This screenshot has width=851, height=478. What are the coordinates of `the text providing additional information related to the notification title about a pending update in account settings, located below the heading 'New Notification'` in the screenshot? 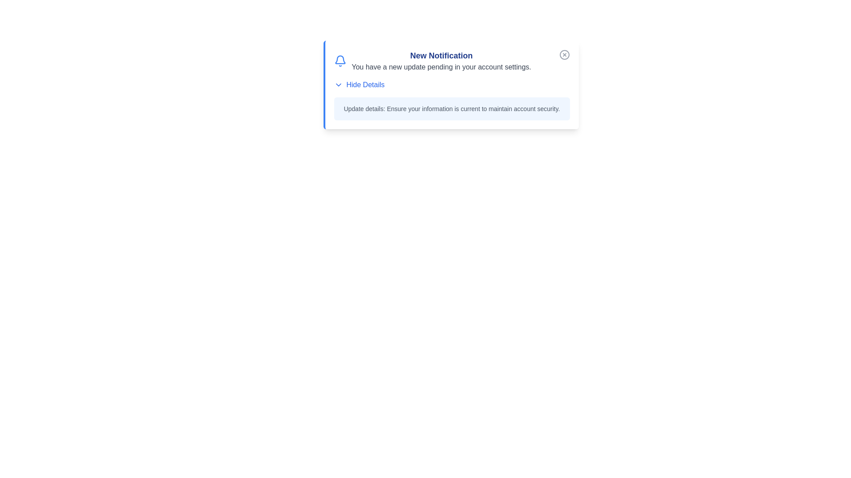 It's located at (441, 66).